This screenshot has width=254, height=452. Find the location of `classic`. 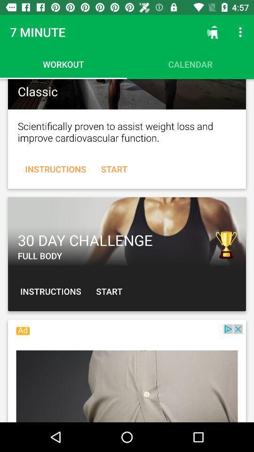

classic is located at coordinates (127, 94).